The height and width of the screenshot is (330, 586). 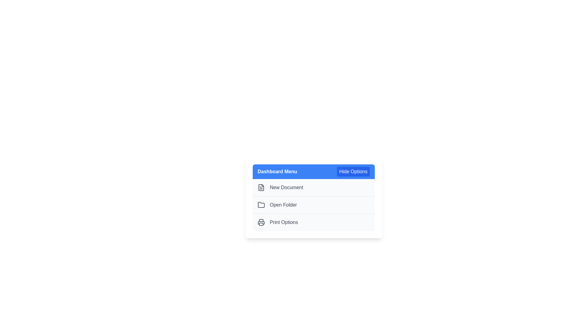 What do you see at coordinates (261, 205) in the screenshot?
I see `the folder icon, which is a gray outlined graphical depiction of a folder, located in the second position under the 'Open Folder' label` at bounding box center [261, 205].